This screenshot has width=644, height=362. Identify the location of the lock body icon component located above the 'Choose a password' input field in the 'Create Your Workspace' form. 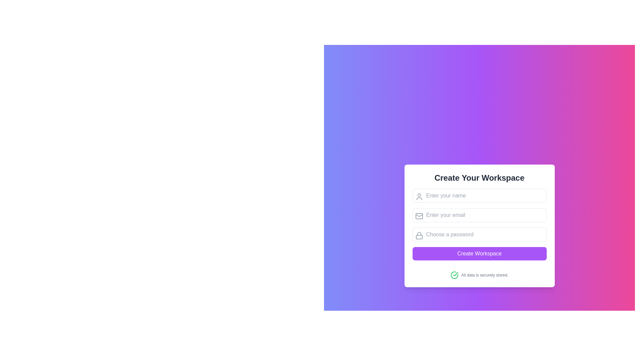
(419, 237).